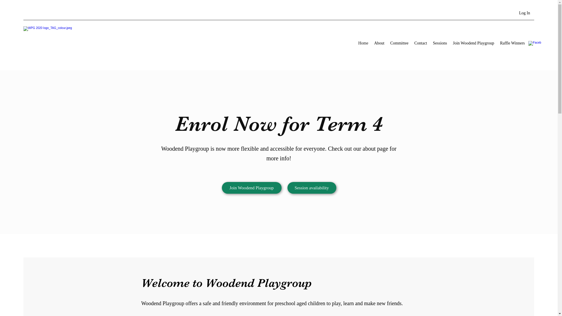  Describe the element at coordinates (411, 44) in the screenshot. I see `'Contact'` at that location.